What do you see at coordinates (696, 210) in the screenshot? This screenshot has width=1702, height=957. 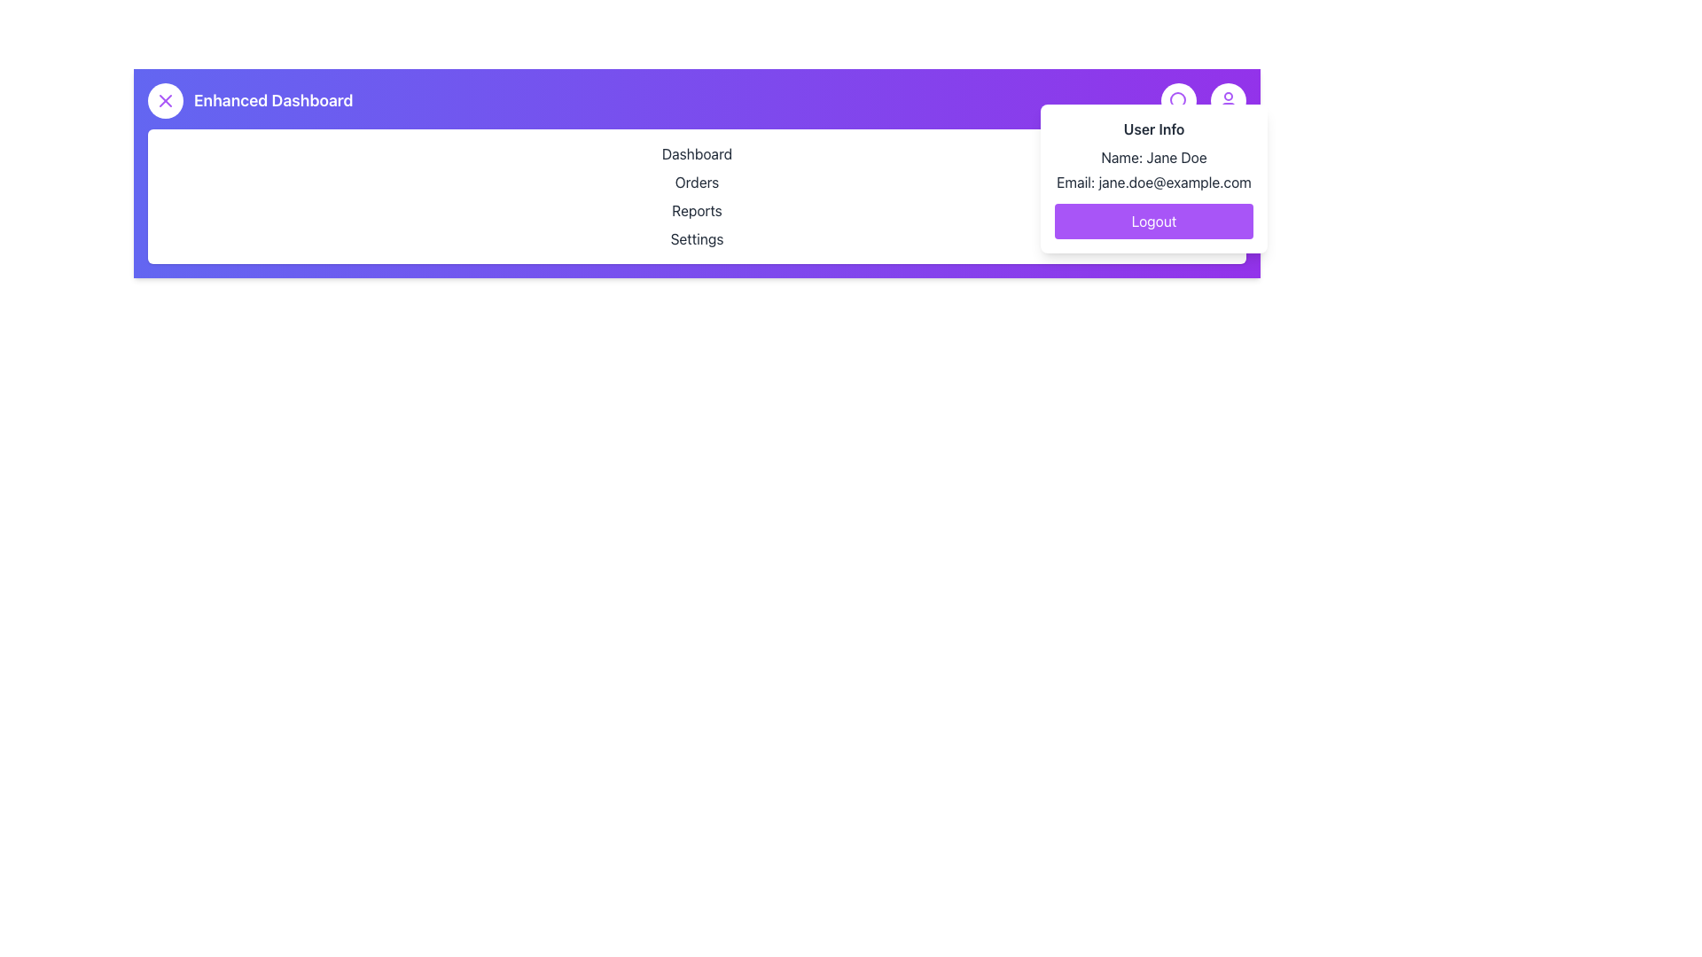 I see `the 'Reports' label, which is the third item in a vertical list of menu options including 'Dashboard', 'Orders', and 'Settings'` at bounding box center [696, 210].